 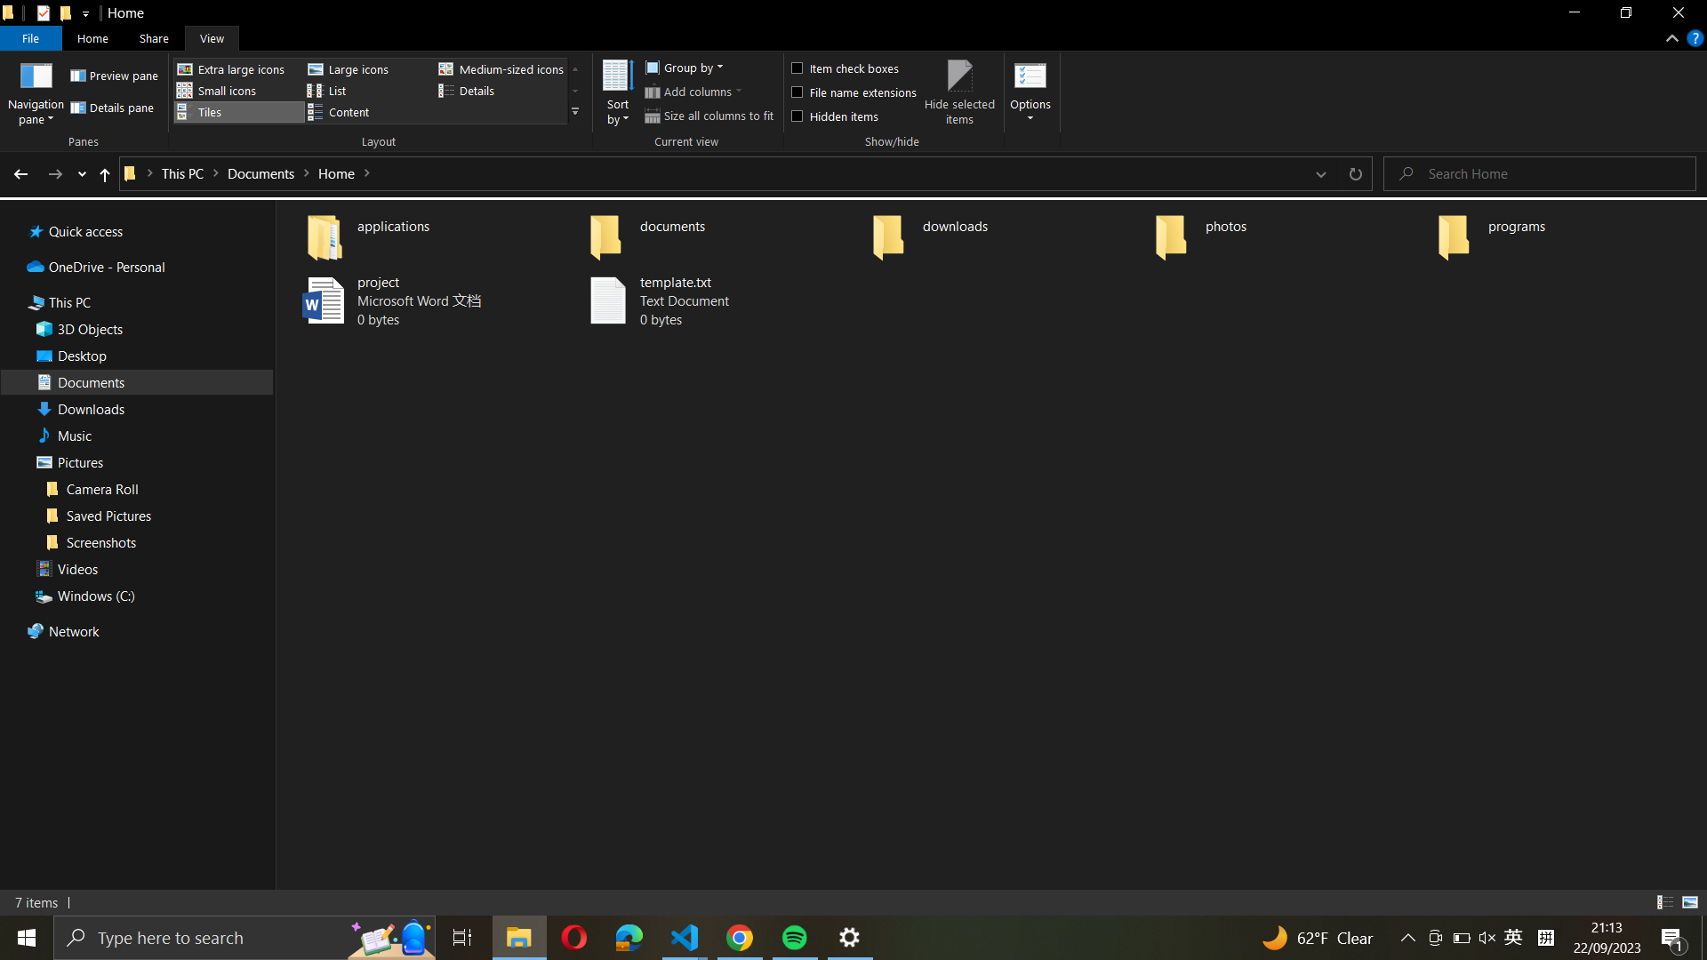 I want to click on Inspect further alternatives for the folder named "photos, so click(x=1288, y=232).